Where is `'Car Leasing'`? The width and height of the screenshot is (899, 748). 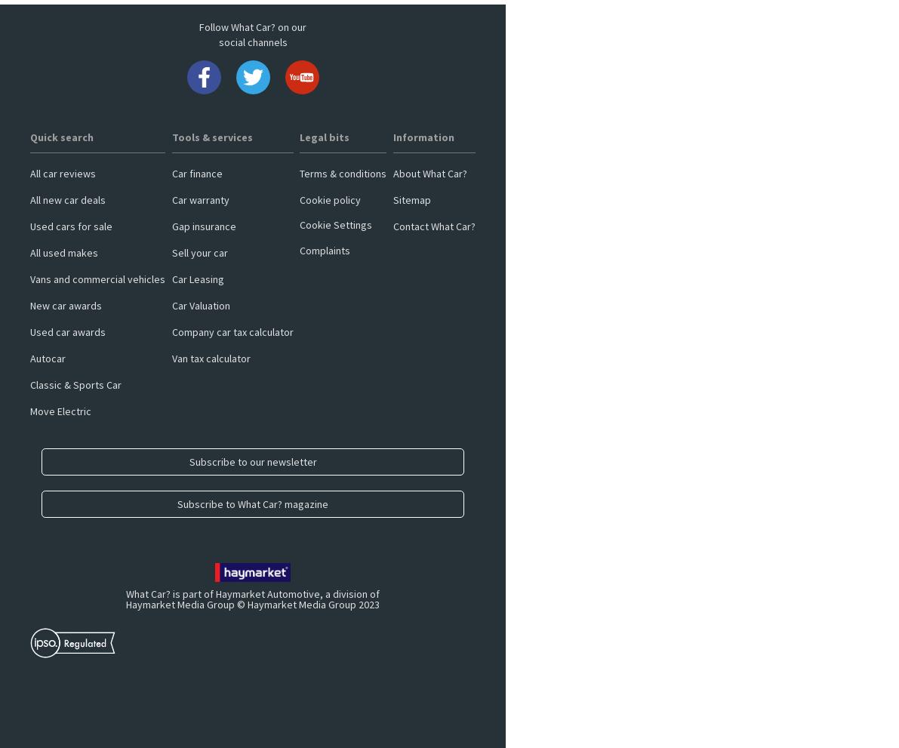 'Car Leasing' is located at coordinates (196, 278).